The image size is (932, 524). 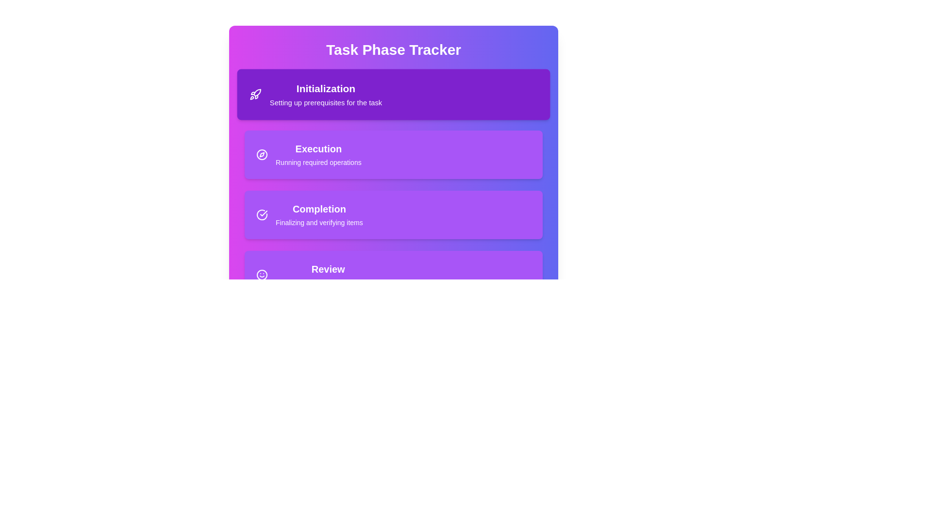 I want to click on the Text label providing a description or status update related to the 'Execution' phase located in the 'Execution' section of the 'Task Phase Tracker' interface, so click(x=318, y=162).